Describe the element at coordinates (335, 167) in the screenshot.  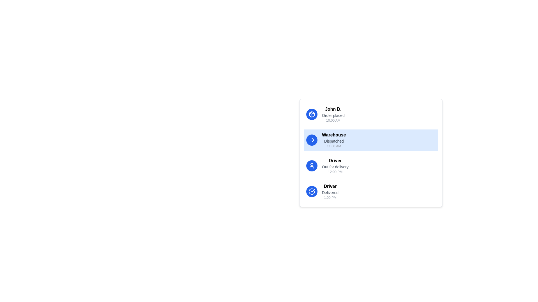
I see `the text label reading 'Out for delivery', which is positioned in a timeline structure, following the bold text 'Driver' and preceding '12:00 PM'` at that location.